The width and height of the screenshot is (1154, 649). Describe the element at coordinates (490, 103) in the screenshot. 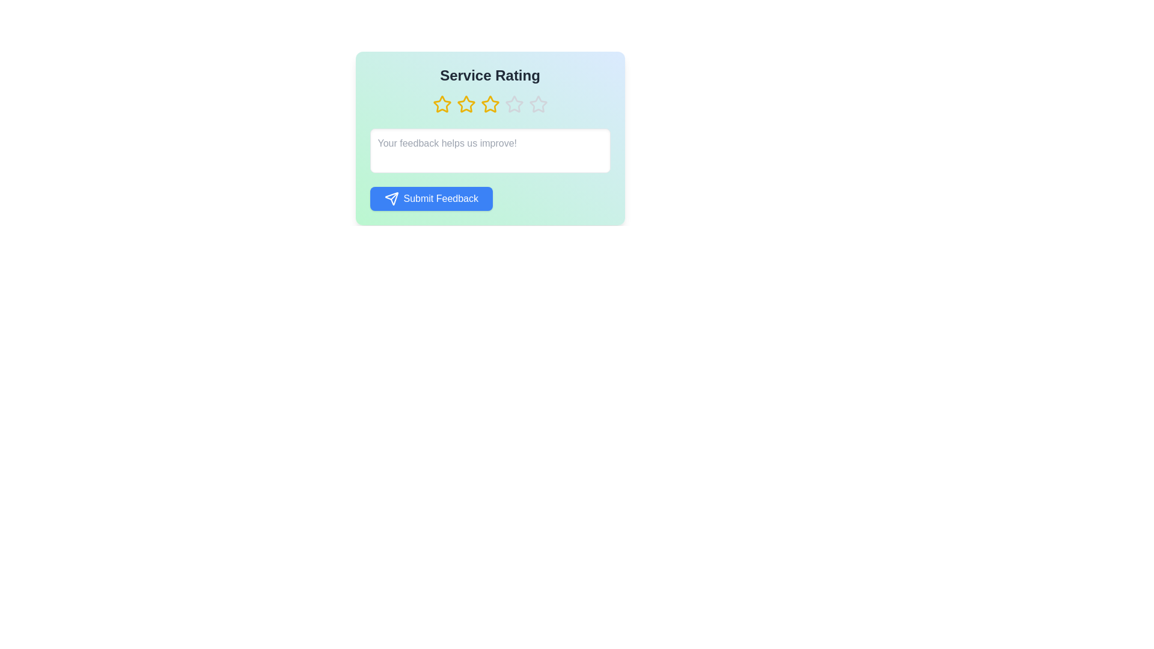

I see `the active star icon` at that location.